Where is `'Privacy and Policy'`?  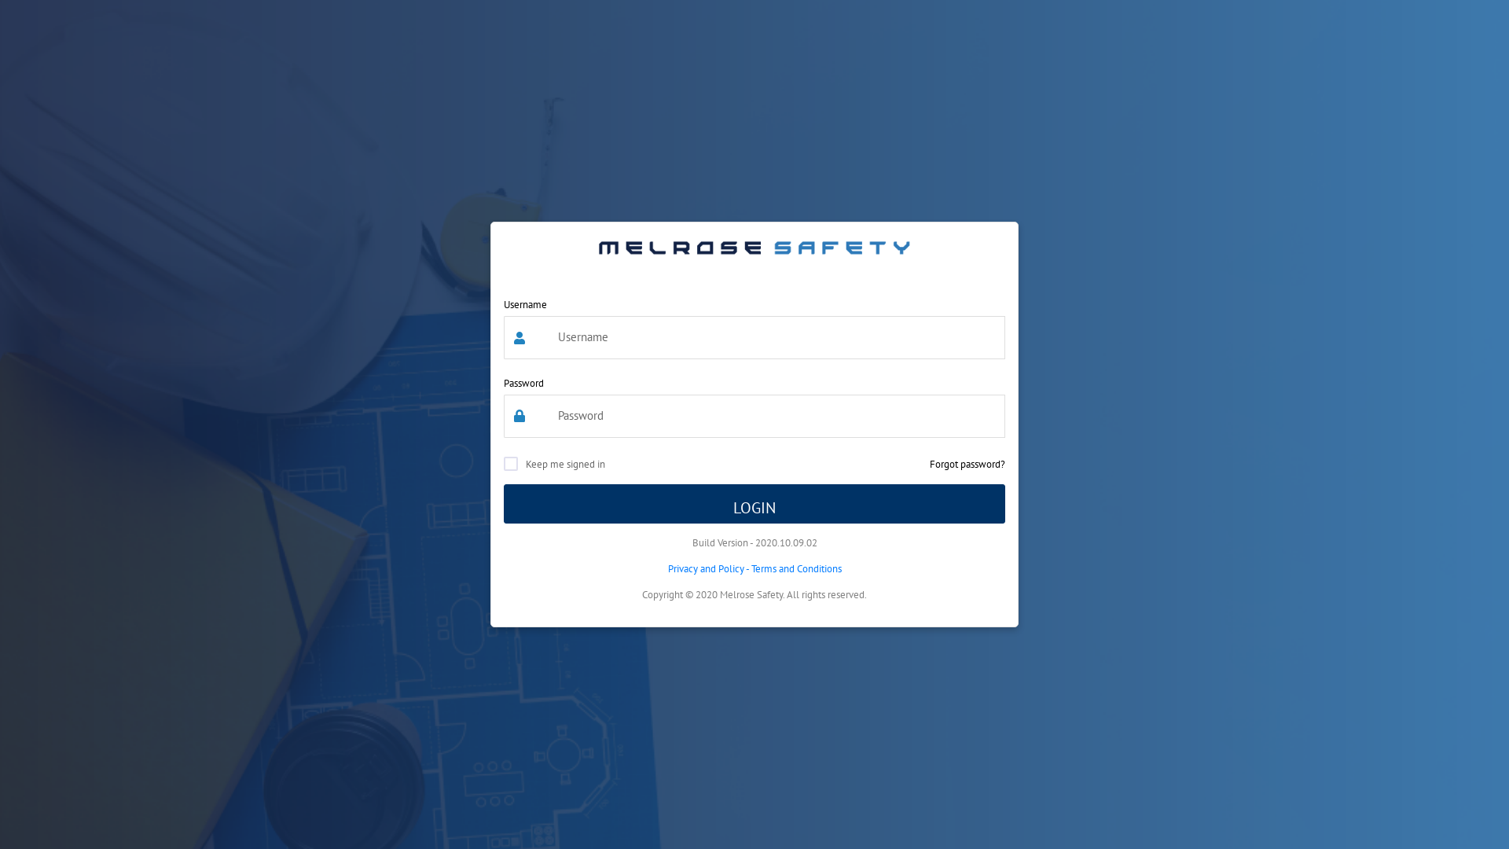
'Privacy and Policy' is located at coordinates (705, 568).